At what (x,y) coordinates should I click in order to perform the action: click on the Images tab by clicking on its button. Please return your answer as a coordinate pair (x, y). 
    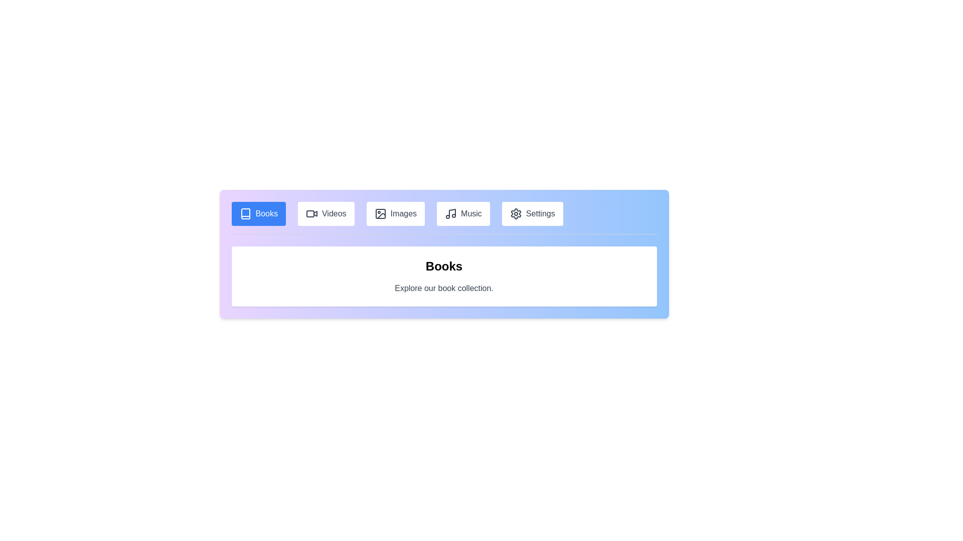
    Looking at the image, I should click on (394, 213).